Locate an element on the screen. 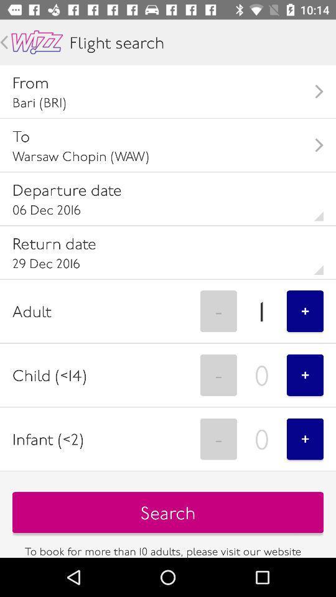 This screenshot has height=597, width=336. option next to infant2 is located at coordinates (218, 439).